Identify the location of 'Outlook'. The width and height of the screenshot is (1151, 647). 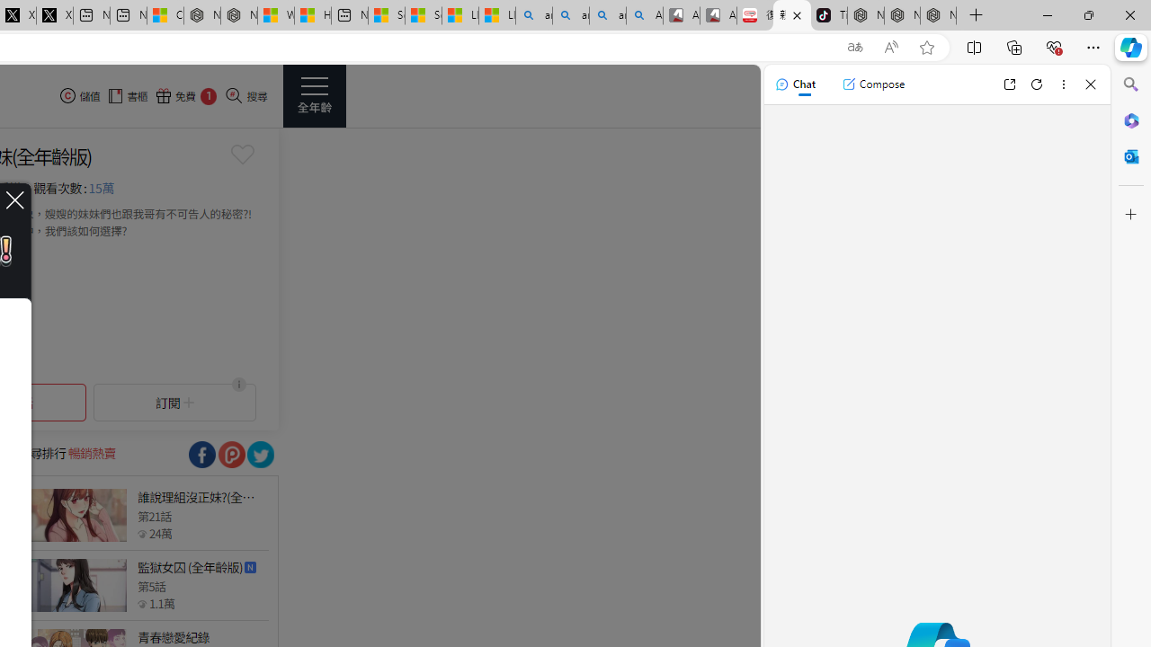
(1130, 155).